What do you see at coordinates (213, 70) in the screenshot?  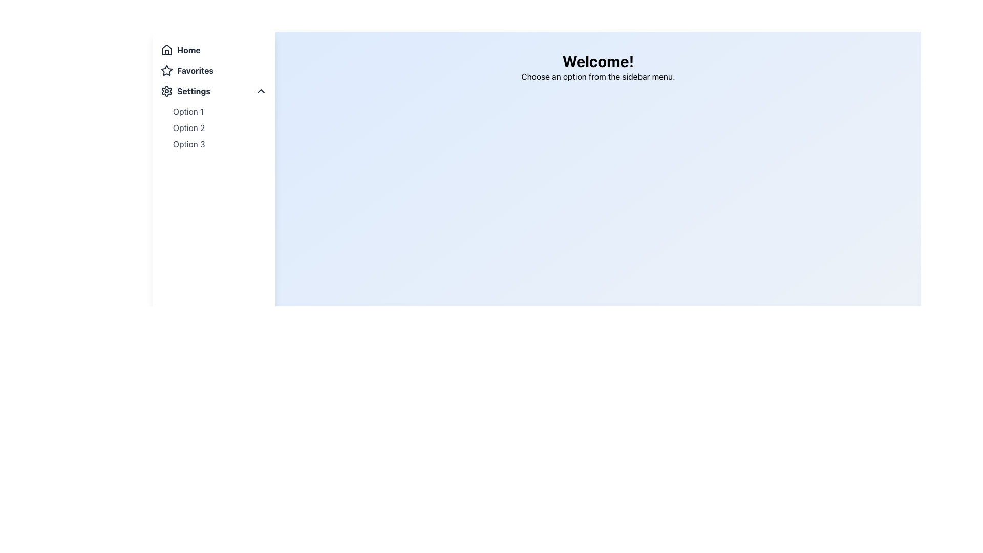 I see `the 'Favorites' button in the vertical navigation menu` at bounding box center [213, 70].